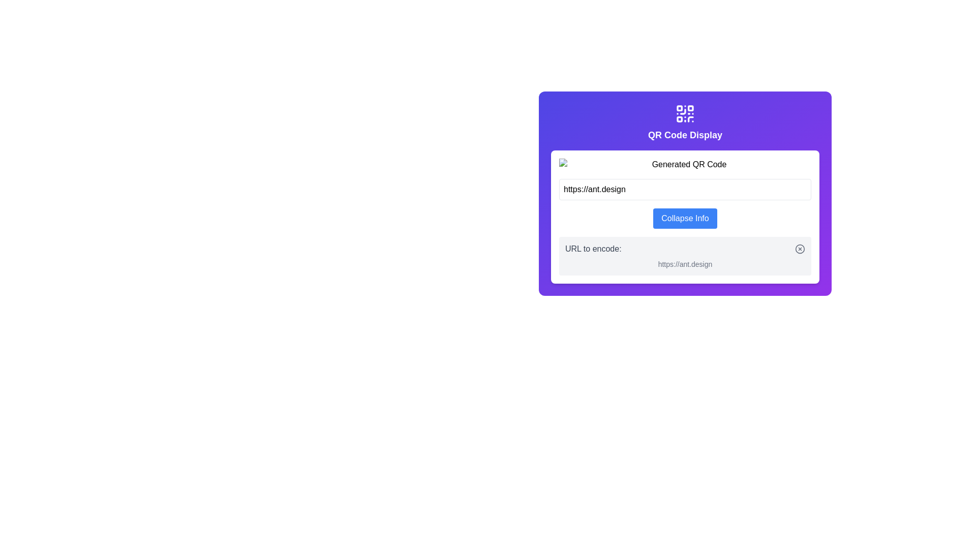 The width and height of the screenshot is (976, 549). What do you see at coordinates (685, 218) in the screenshot?
I see `the 'Collapse Info' button` at bounding box center [685, 218].